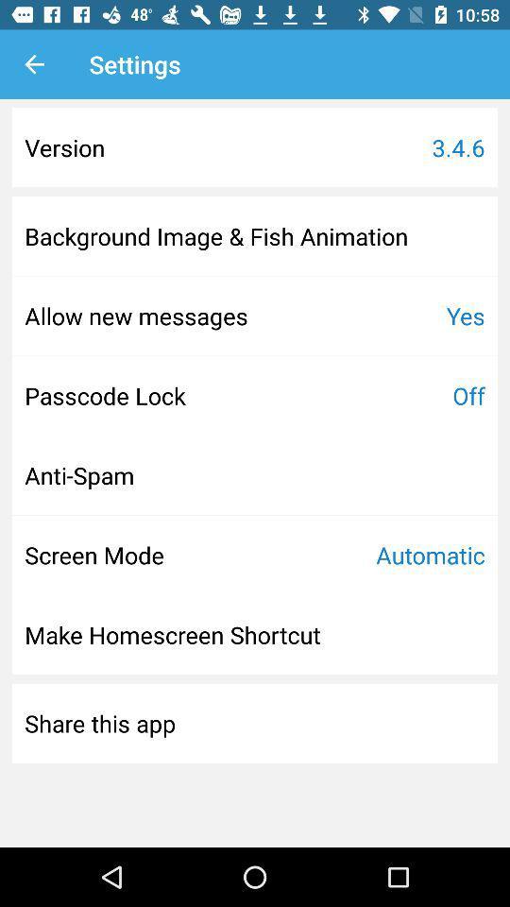  I want to click on allow new messages icon, so click(135, 316).